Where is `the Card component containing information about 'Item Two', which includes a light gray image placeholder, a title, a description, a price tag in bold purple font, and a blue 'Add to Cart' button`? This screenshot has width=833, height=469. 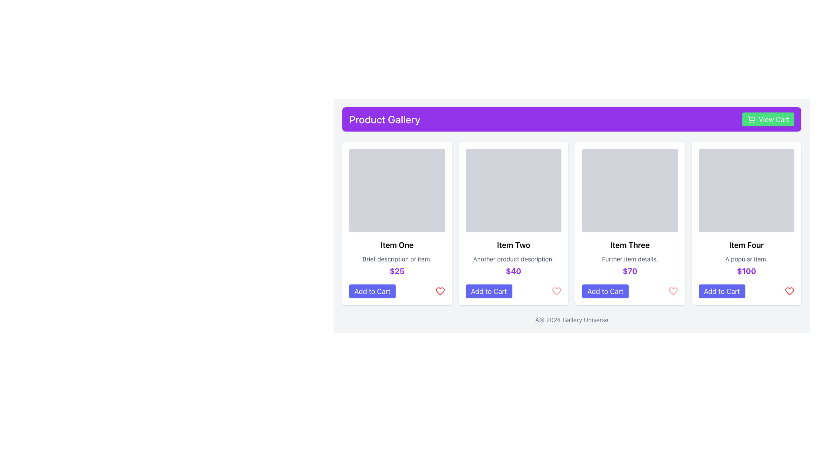
the Card component containing information about 'Item Two', which includes a light gray image placeholder, a title, a description, a price tag in bold purple font, and a blue 'Add to Cart' button is located at coordinates (513, 223).